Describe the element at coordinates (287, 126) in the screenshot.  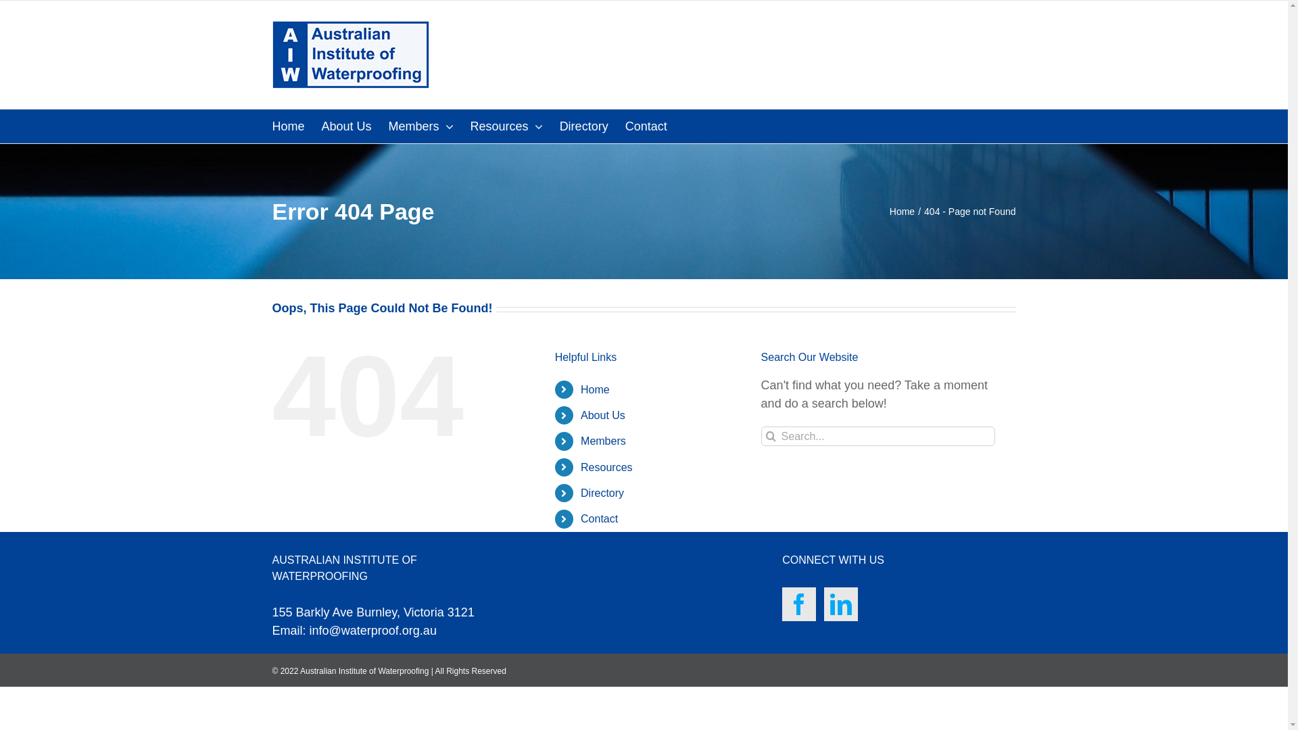
I see `'Home'` at that location.